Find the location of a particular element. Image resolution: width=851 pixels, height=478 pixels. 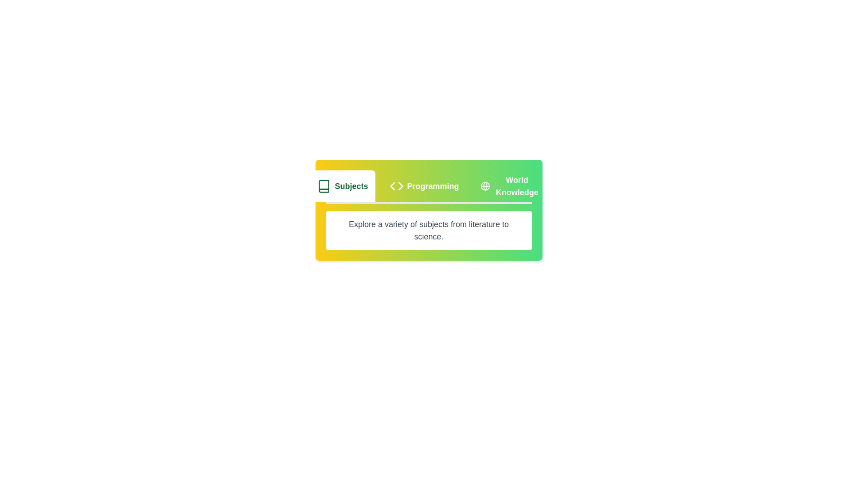

the tab labeled Programming to inspect its icon is located at coordinates (423, 185).